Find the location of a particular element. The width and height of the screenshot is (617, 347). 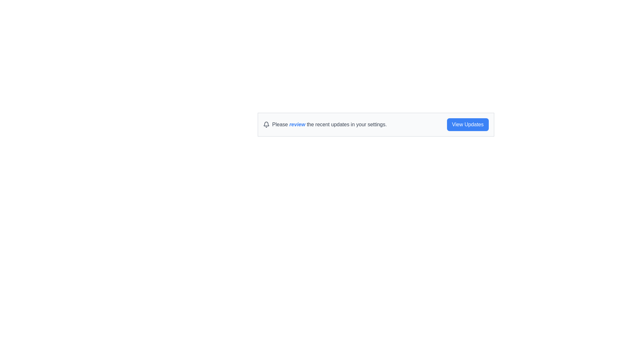

the text block displaying the message 'Please review the recent updates in your settings.' which has the word 'review' highlighted in blue and bold is located at coordinates (329, 125).